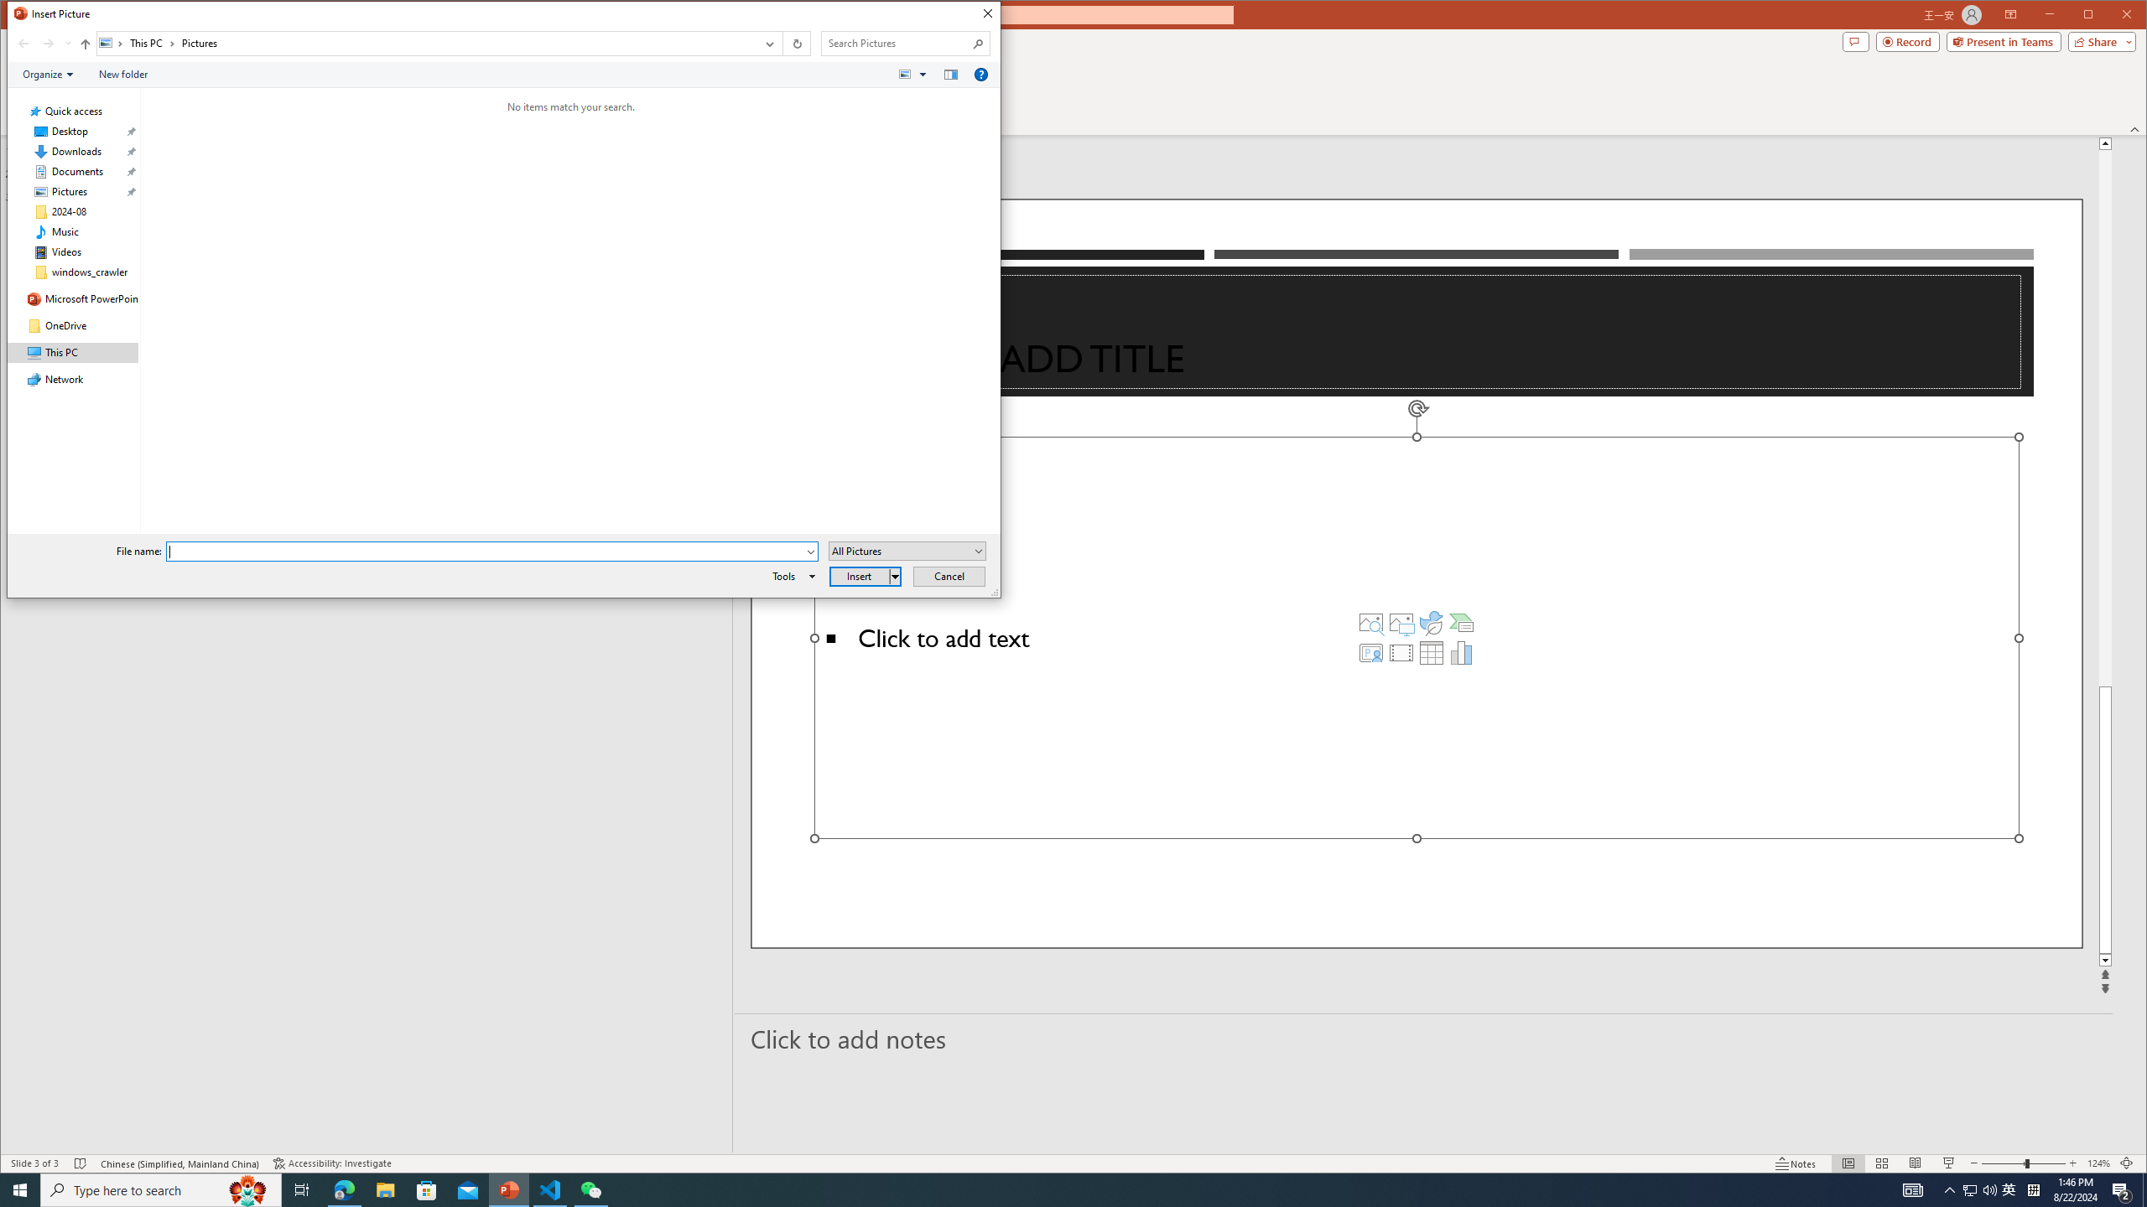  I want to click on 'Slide Notes', so click(1423, 1038).